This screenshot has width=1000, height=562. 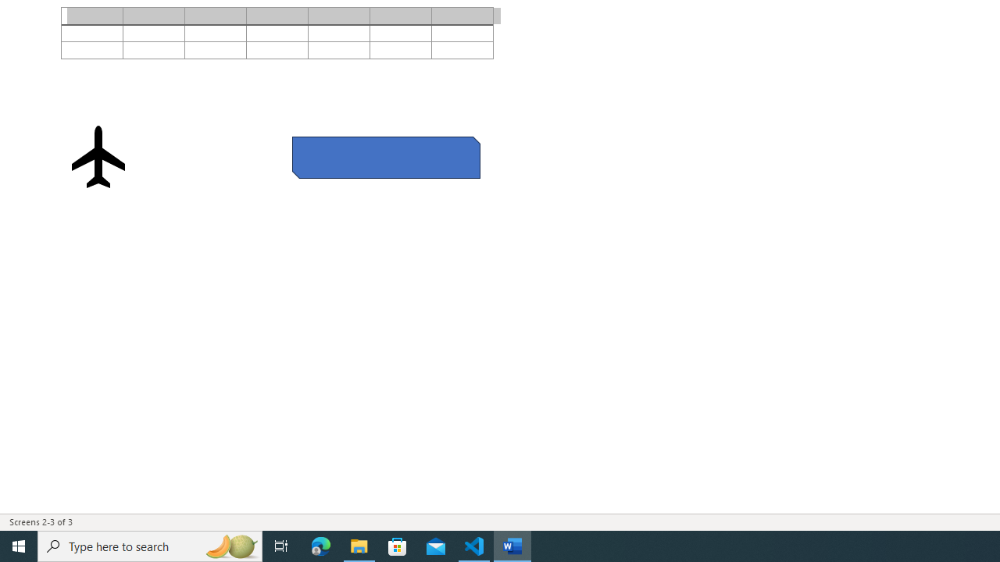 I want to click on 'Page Number Screens 2-3 of 3 ', so click(x=41, y=522).